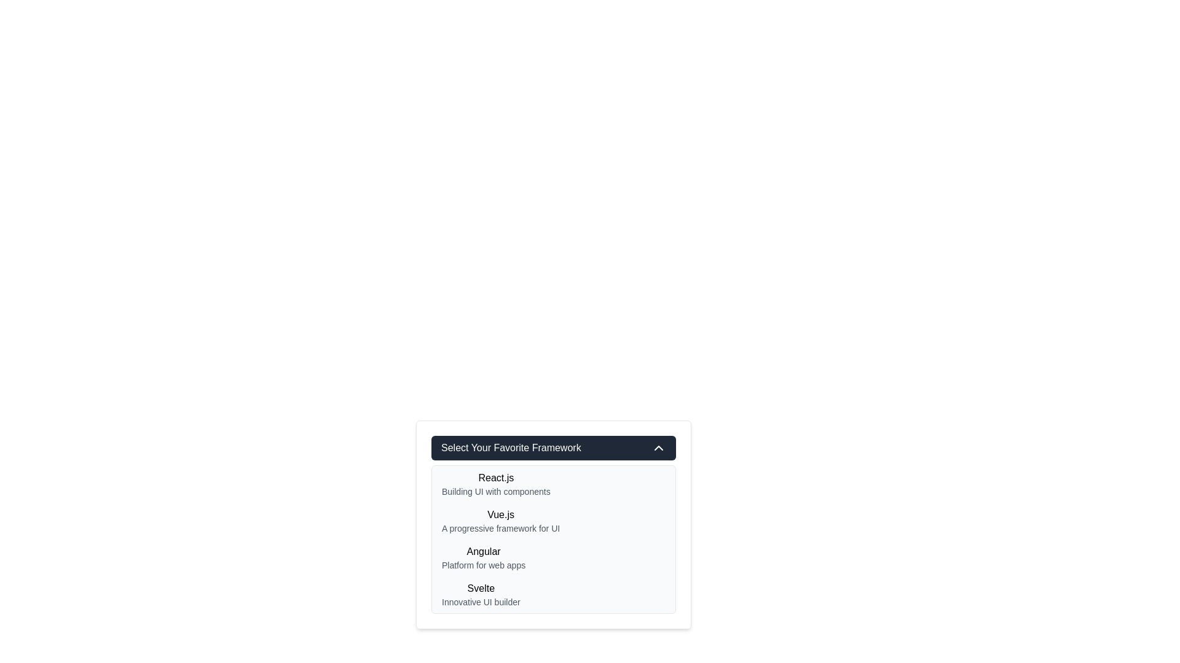  Describe the element at coordinates (553, 509) in the screenshot. I see `the 'Vue.js' option in the dropdown list` at that location.